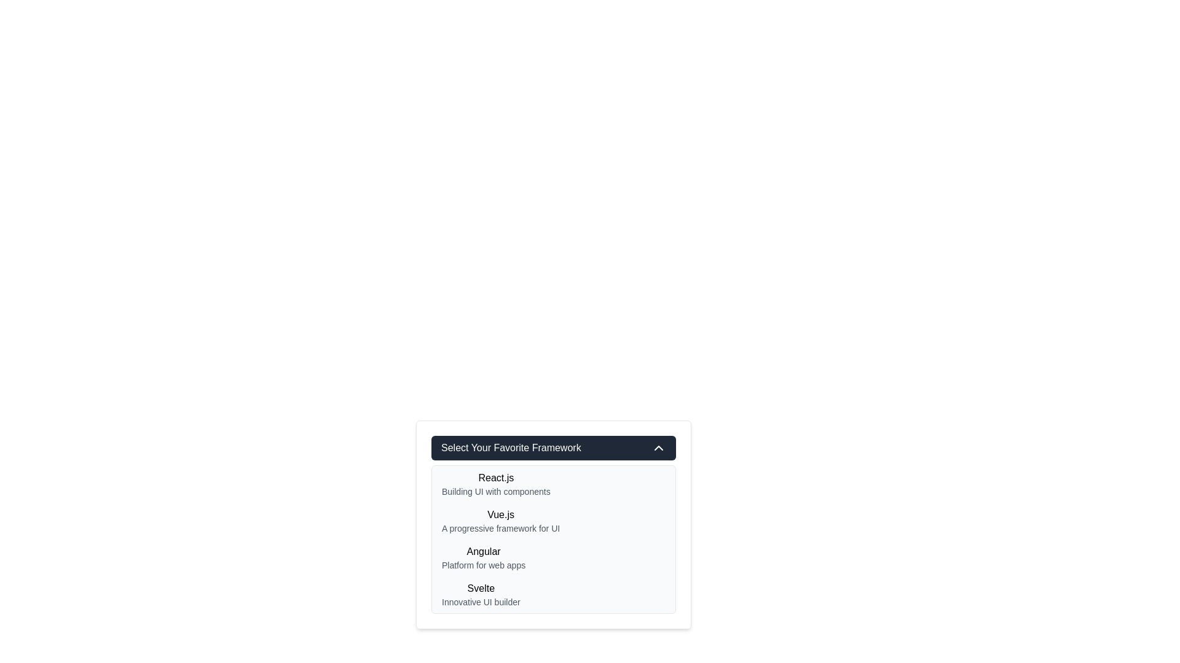  Describe the element at coordinates (553, 509) in the screenshot. I see `the 'Vue.js' option in the dropdown list` at that location.